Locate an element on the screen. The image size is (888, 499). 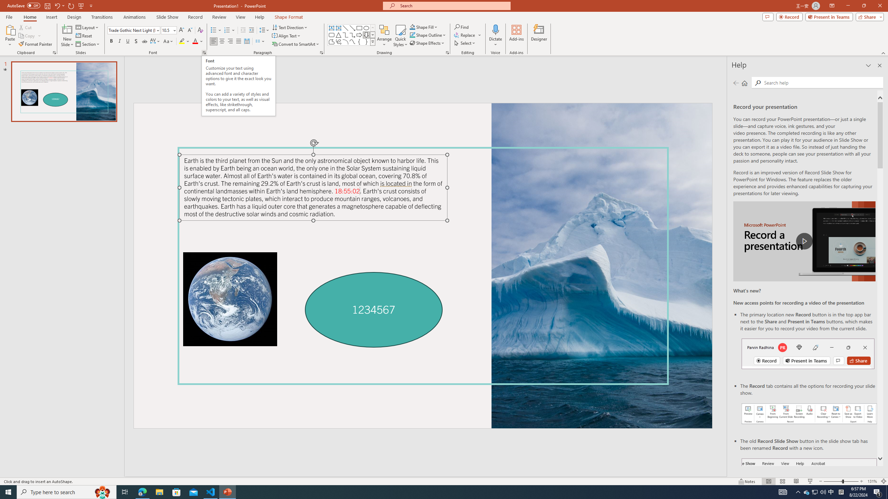
'Class: NetUIImage' is located at coordinates (372, 41).